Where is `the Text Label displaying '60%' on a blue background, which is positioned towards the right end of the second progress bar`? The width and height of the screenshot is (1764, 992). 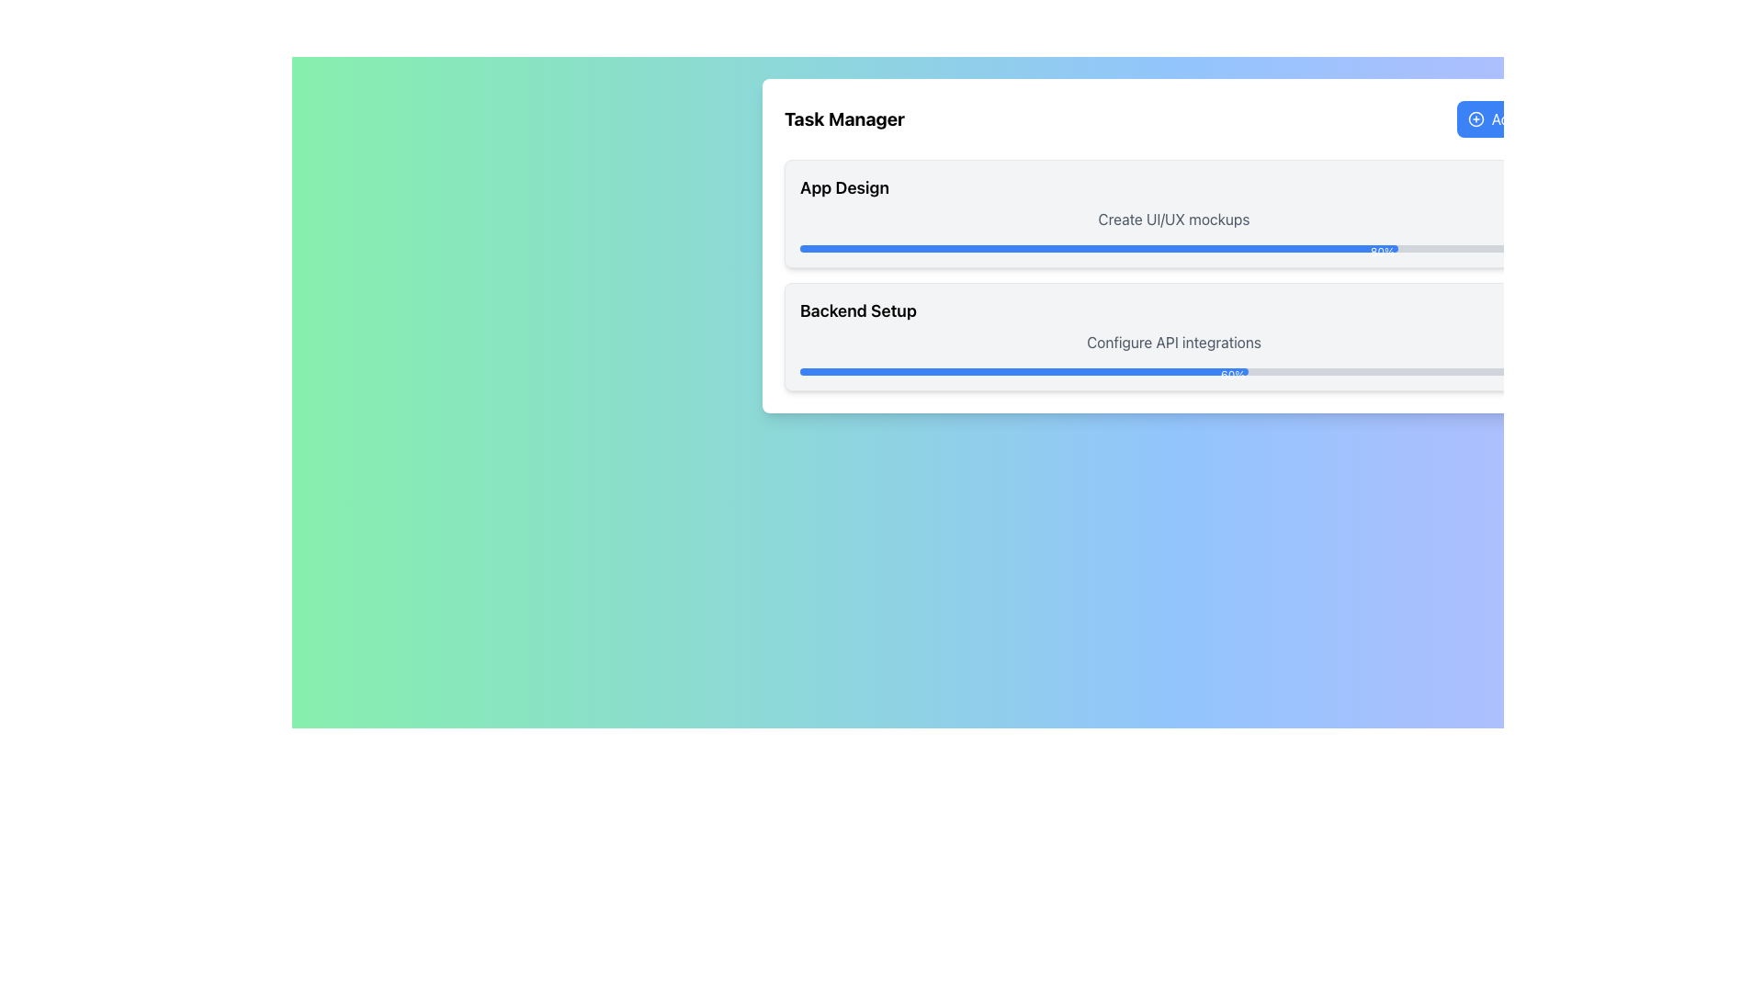 the Text Label displaying '60%' on a blue background, which is positioned towards the right end of the second progress bar is located at coordinates (1233, 372).